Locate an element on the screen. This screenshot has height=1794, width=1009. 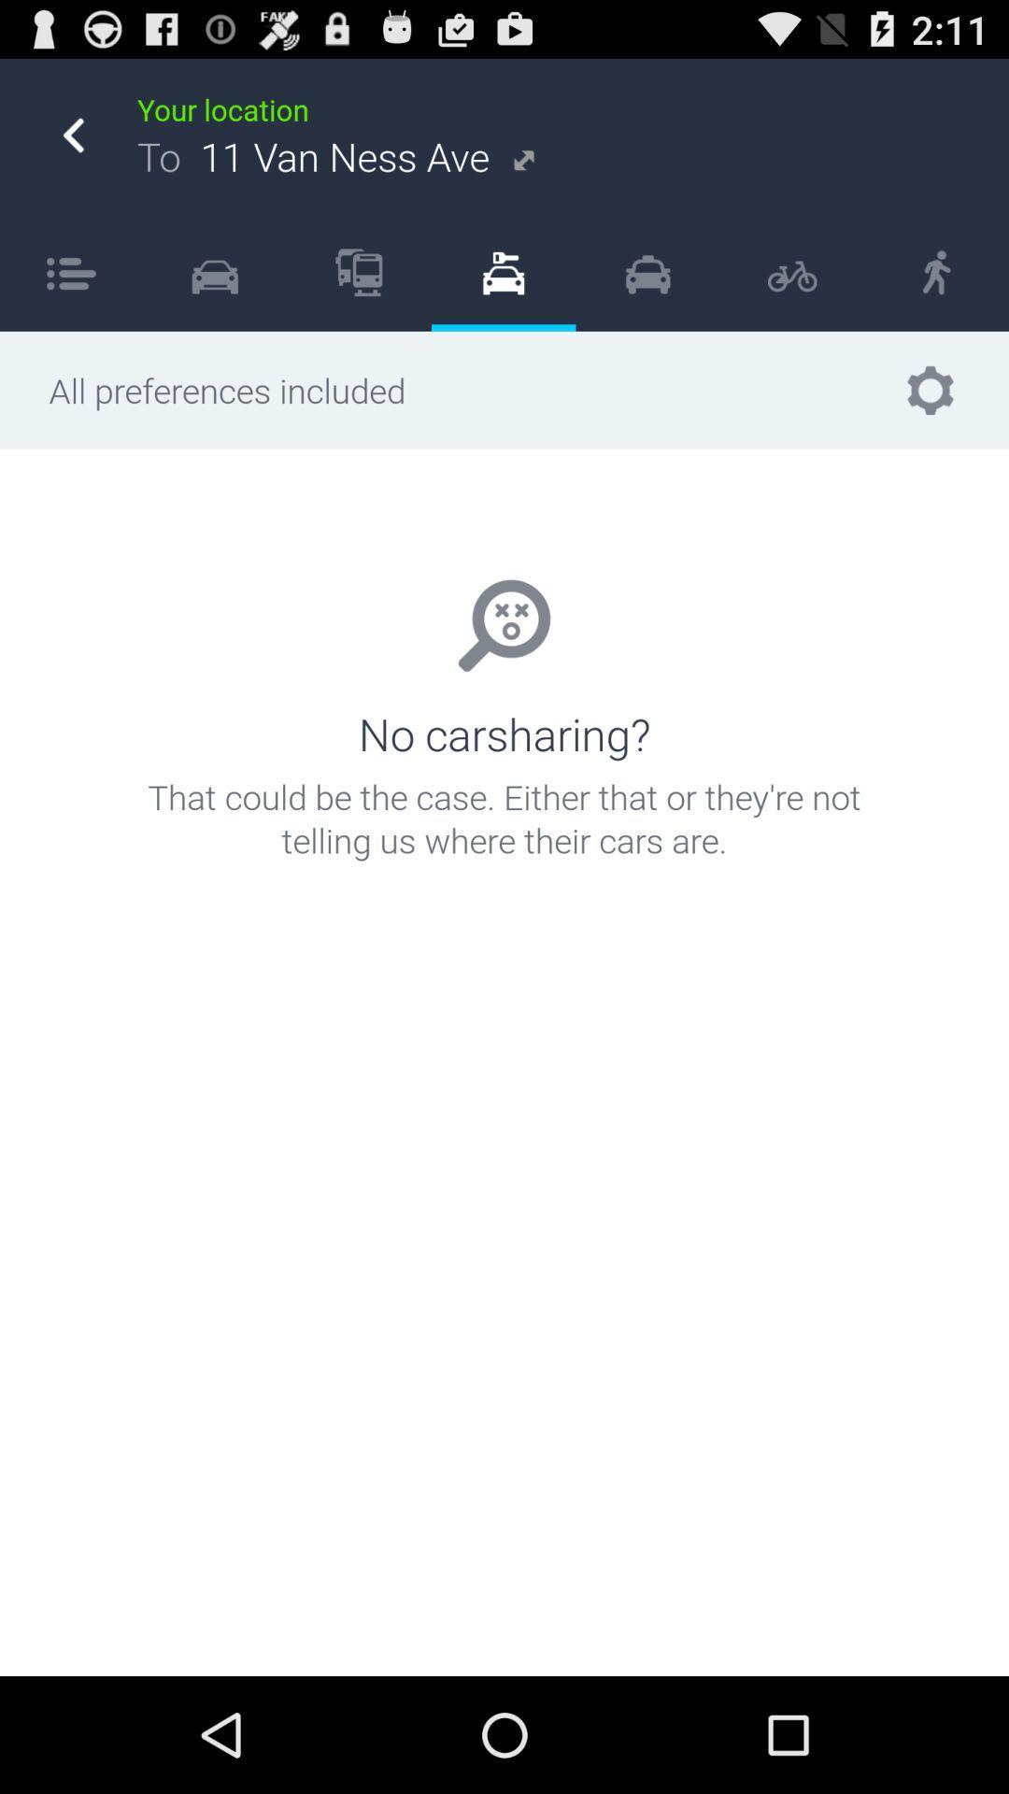
the settings button on the web page is located at coordinates (931, 389).